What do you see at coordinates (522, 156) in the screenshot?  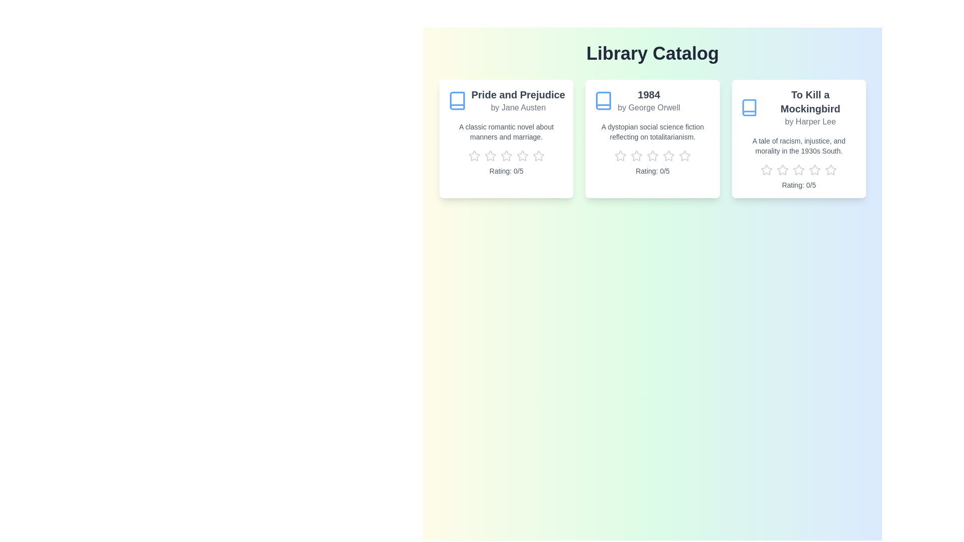 I see `the rating of the book 'Pride and Prejudice' to 4 stars by clicking the corresponding star` at bounding box center [522, 156].